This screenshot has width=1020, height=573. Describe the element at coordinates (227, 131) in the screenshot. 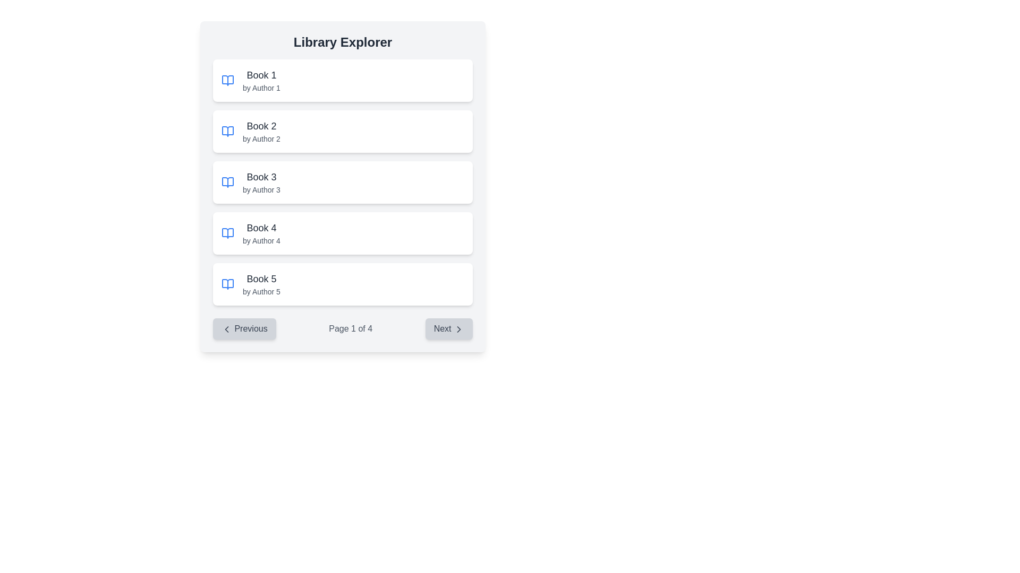

I see `the open book icon styled in blue, which is part of the list item labeled 'Book 2 by Author 2' located on the left side of the item` at that location.